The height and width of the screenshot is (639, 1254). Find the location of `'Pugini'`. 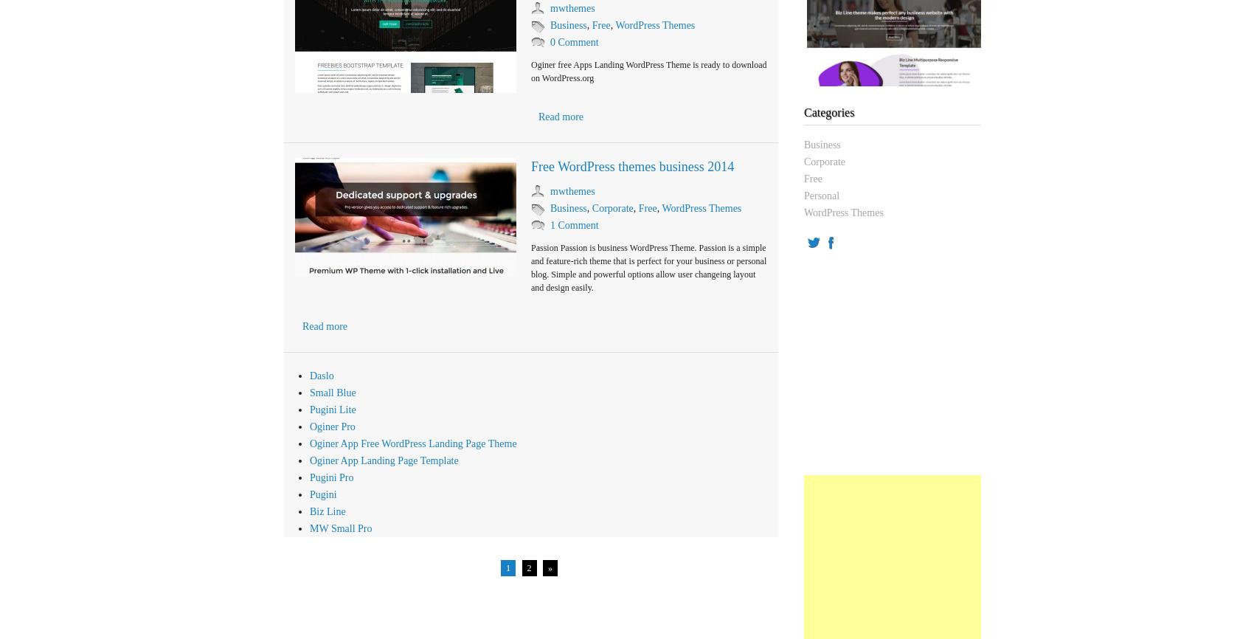

'Pugini' is located at coordinates (322, 494).